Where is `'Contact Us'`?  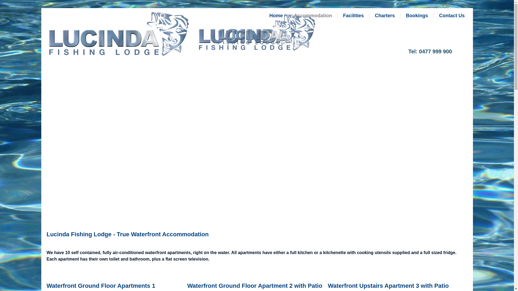
'Contact Us' is located at coordinates (452, 15).